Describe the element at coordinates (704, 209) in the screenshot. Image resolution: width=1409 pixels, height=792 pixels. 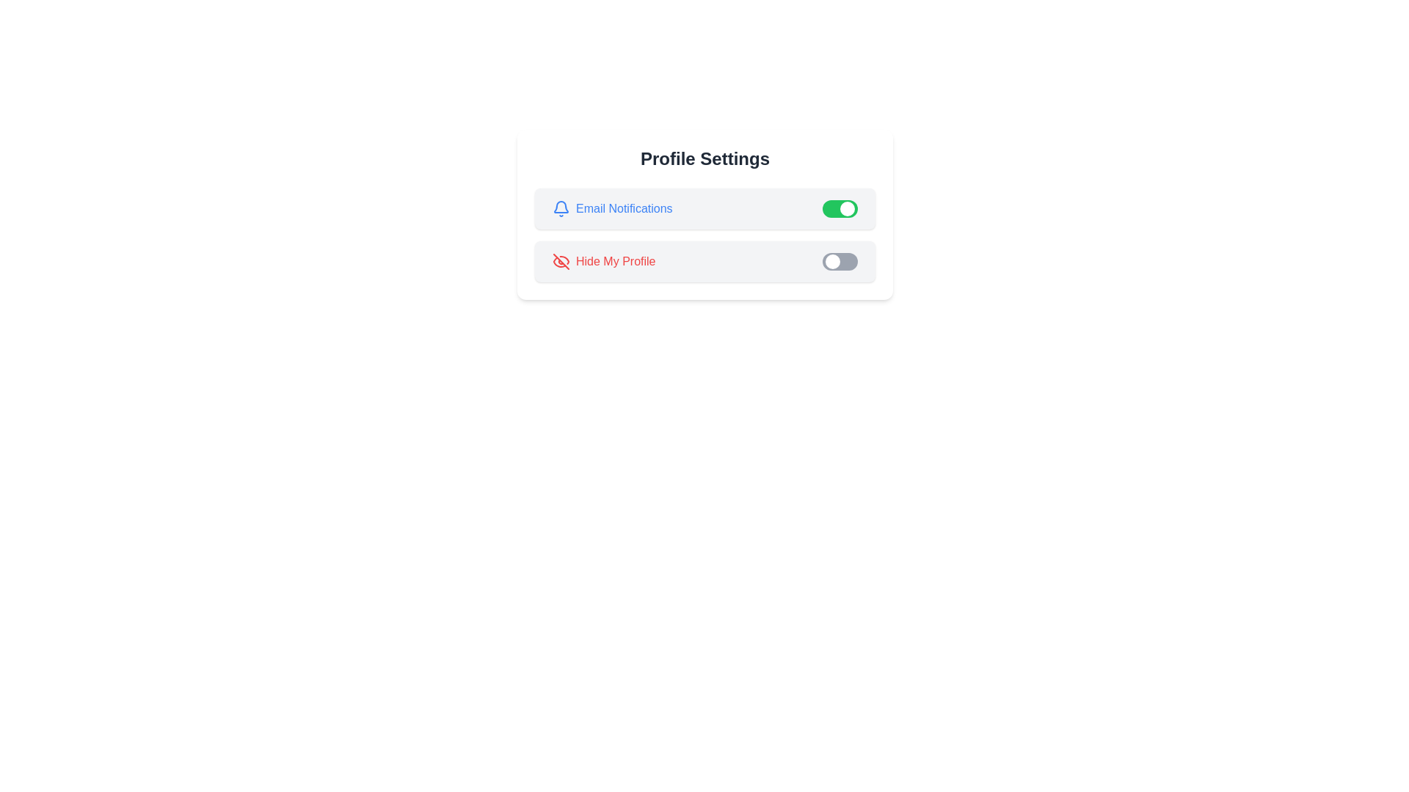
I see `the toggle switch in the email notifications section of the Profile Settings` at that location.